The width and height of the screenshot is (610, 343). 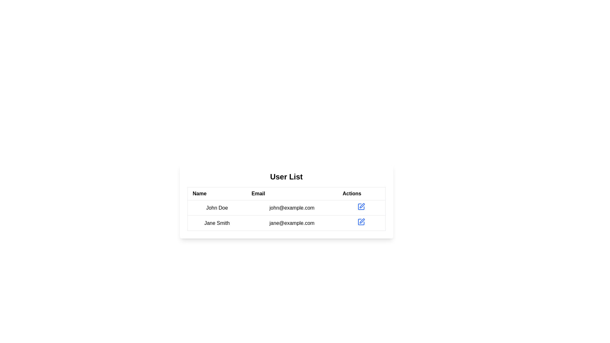 What do you see at coordinates (361, 208) in the screenshot?
I see `the Icon Button in the Actions column of the first row corresponding to user 'John Doe' to initiate the editing function` at bounding box center [361, 208].